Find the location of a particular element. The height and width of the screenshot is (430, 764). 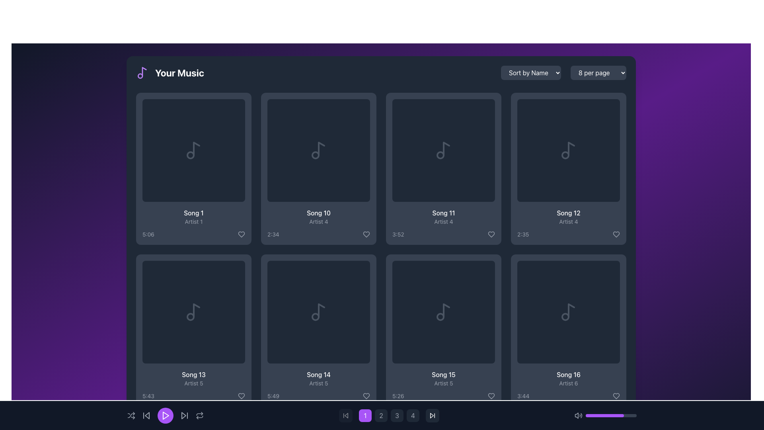

the circular button with a dark background and a right-pointing double arrow icon to activate its hover effect is located at coordinates (432, 415).